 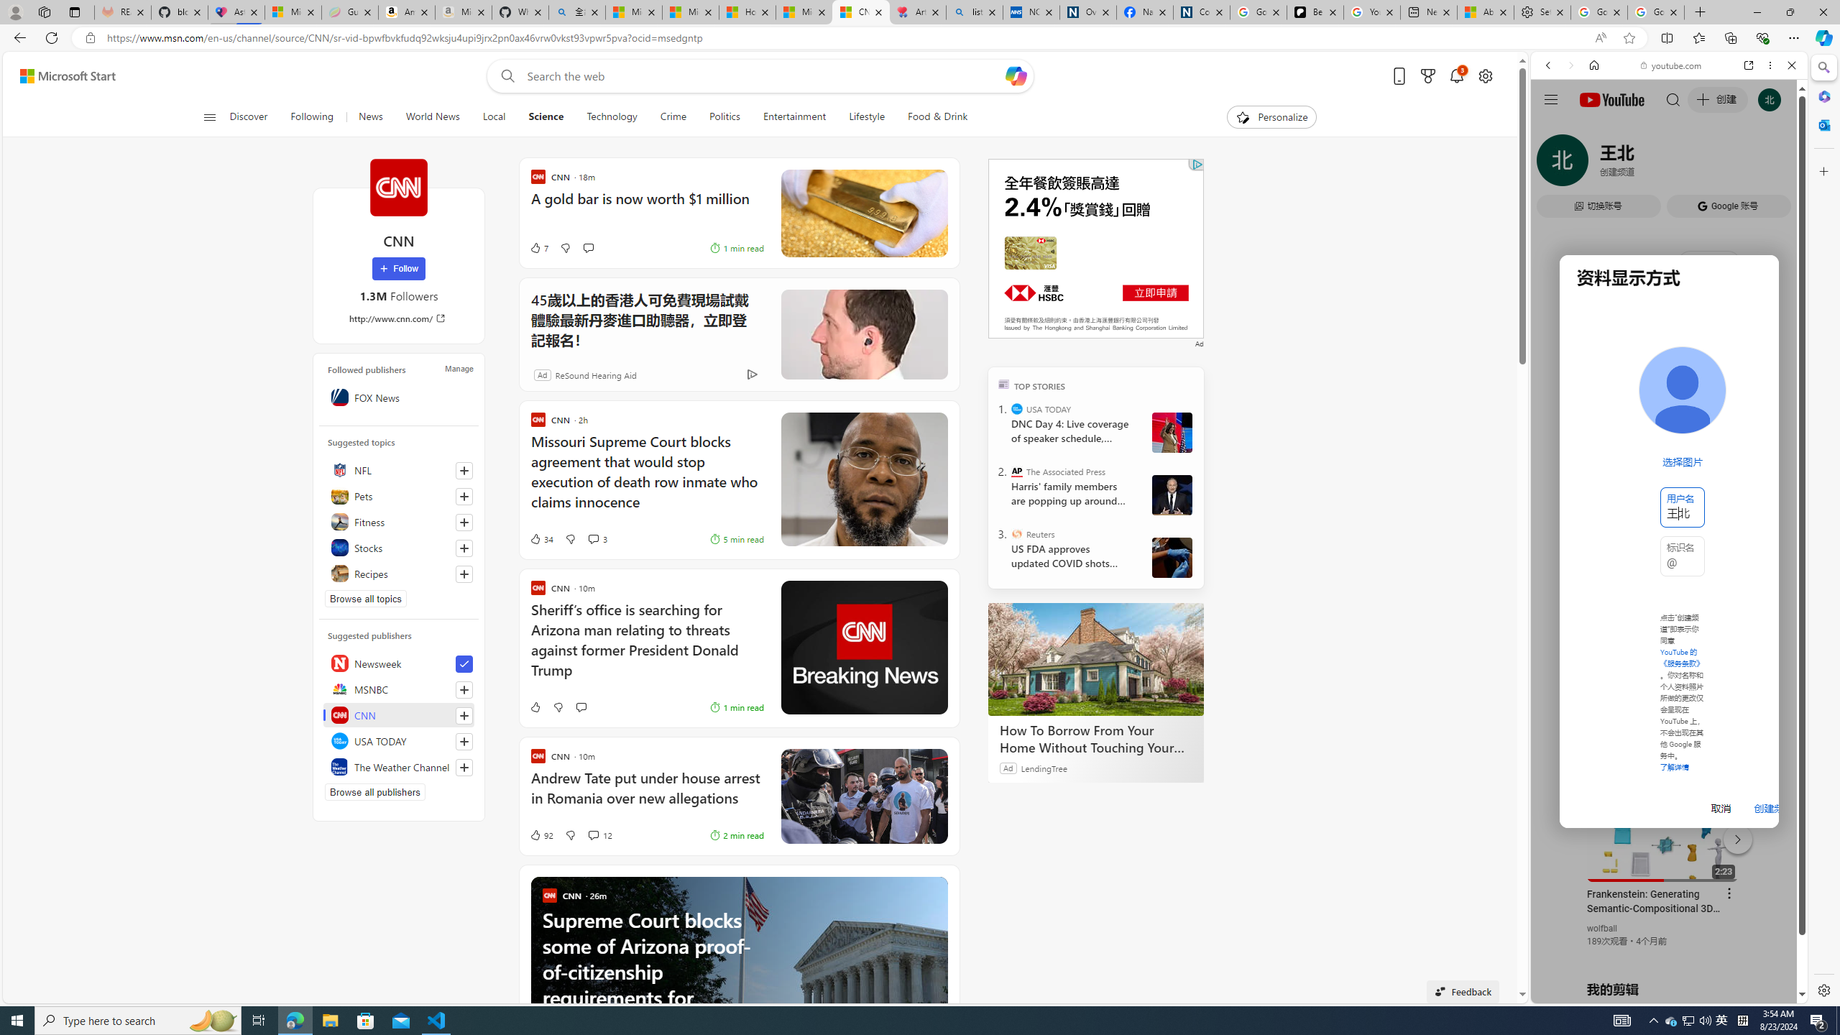 What do you see at coordinates (464, 574) in the screenshot?
I see `'Follow this topic'` at bounding box center [464, 574].